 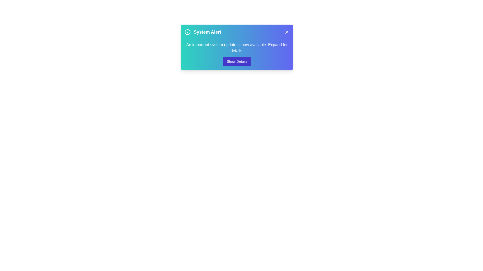 I want to click on the text 'An important system update is now available. Expand for details.' to select it, so click(x=236, y=52).